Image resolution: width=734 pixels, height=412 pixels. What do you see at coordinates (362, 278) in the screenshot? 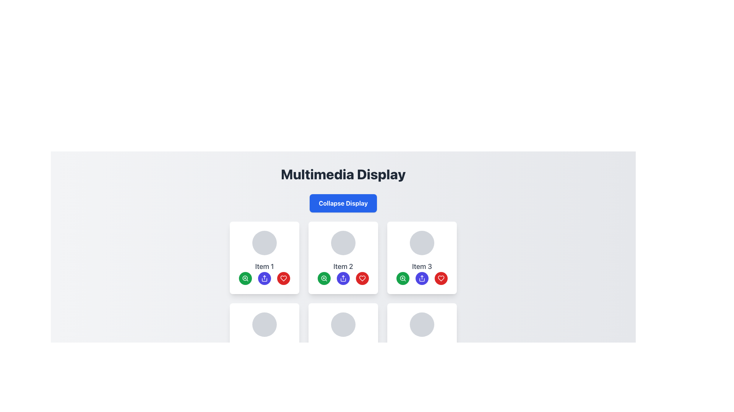
I see `the 'favorites' SVG icon located in the second column below 'Item 2'` at bounding box center [362, 278].